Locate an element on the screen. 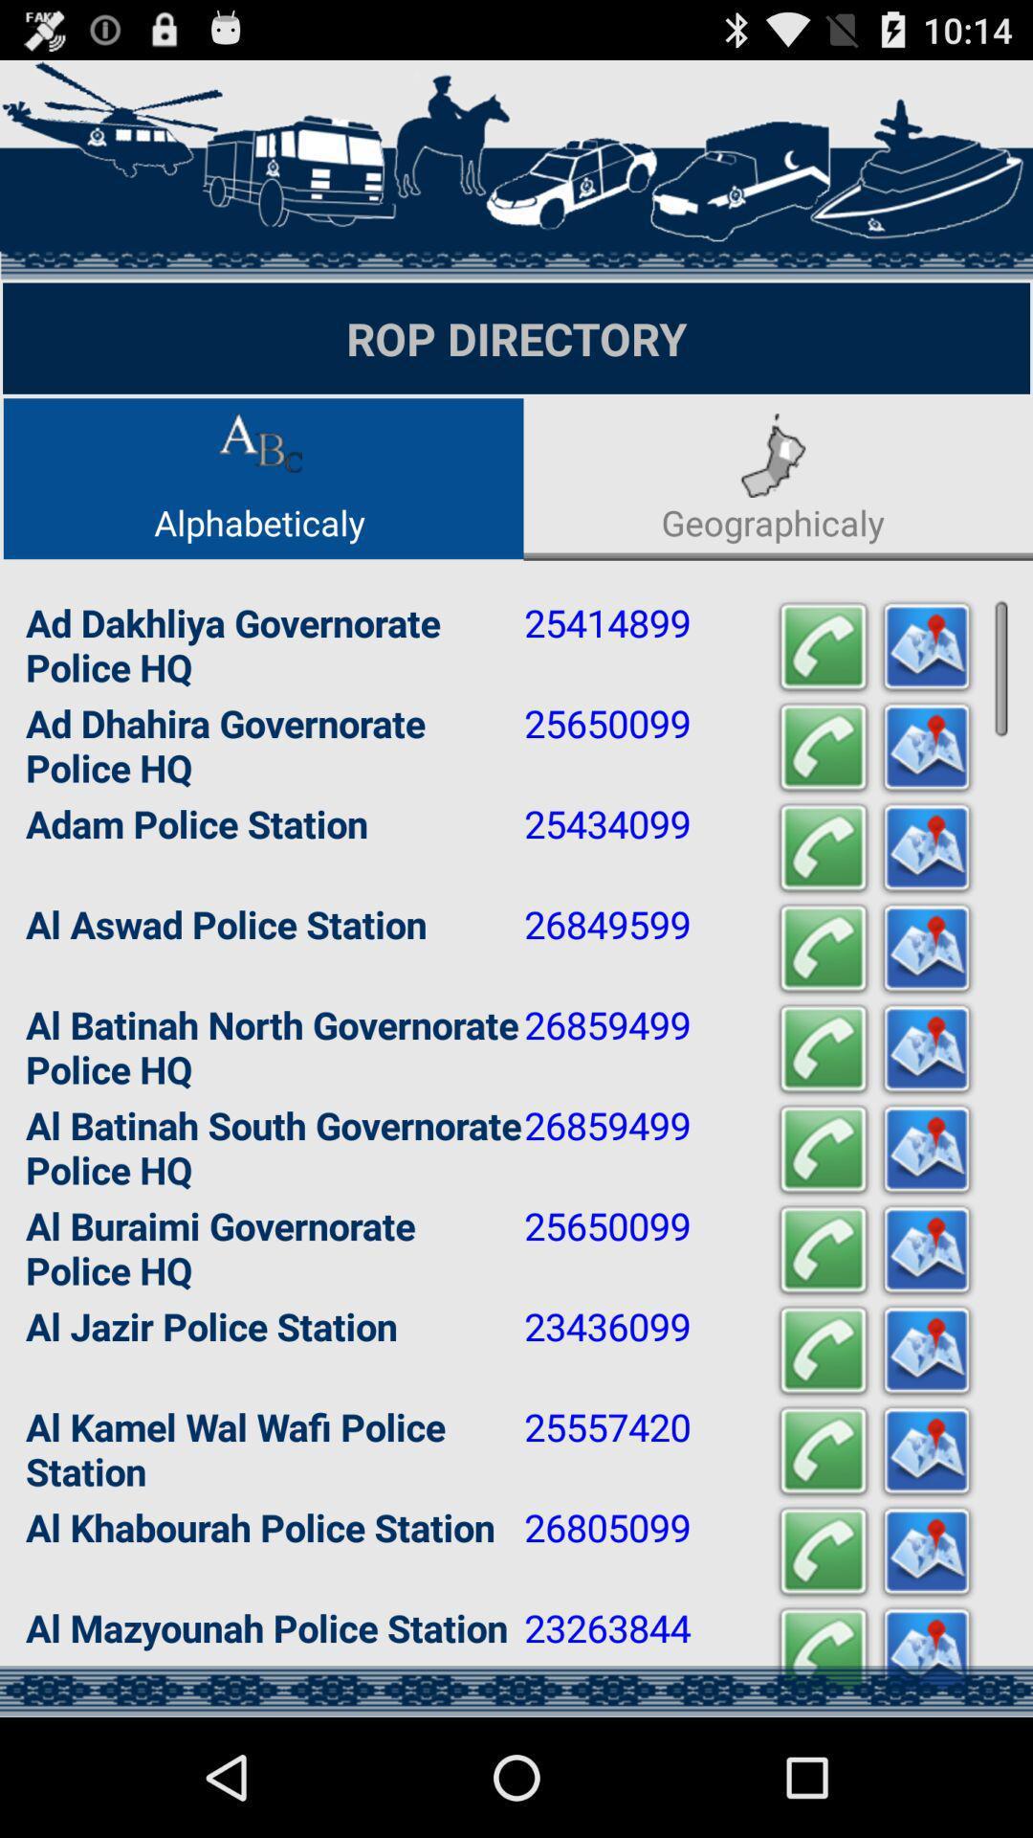 This screenshot has height=1838, width=1033. icon to the right of 25434099 app is located at coordinates (822, 847).